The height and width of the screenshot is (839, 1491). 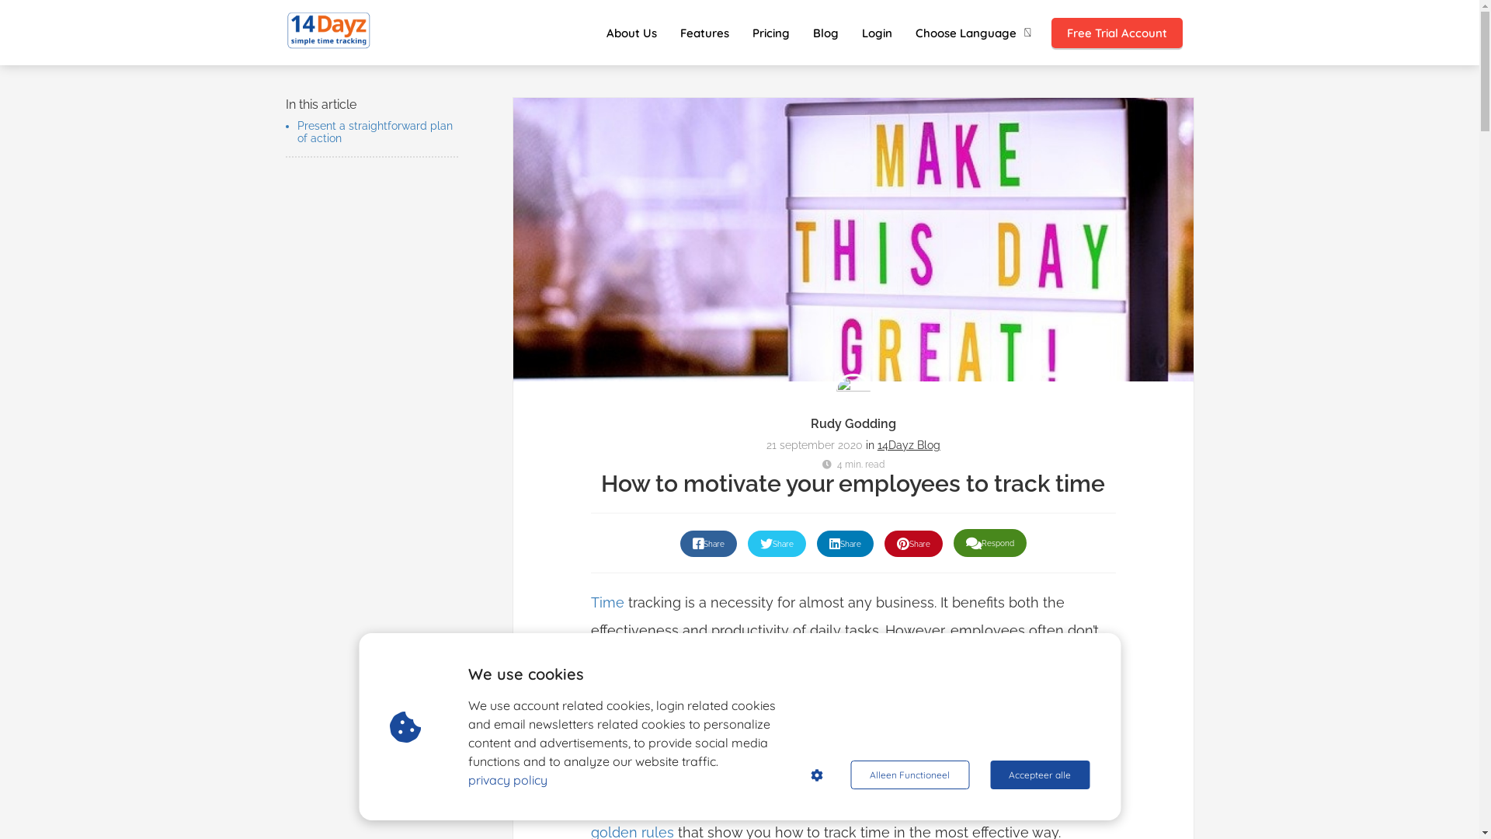 I want to click on 'Time tracking as simple as ABC', so click(x=328, y=30).